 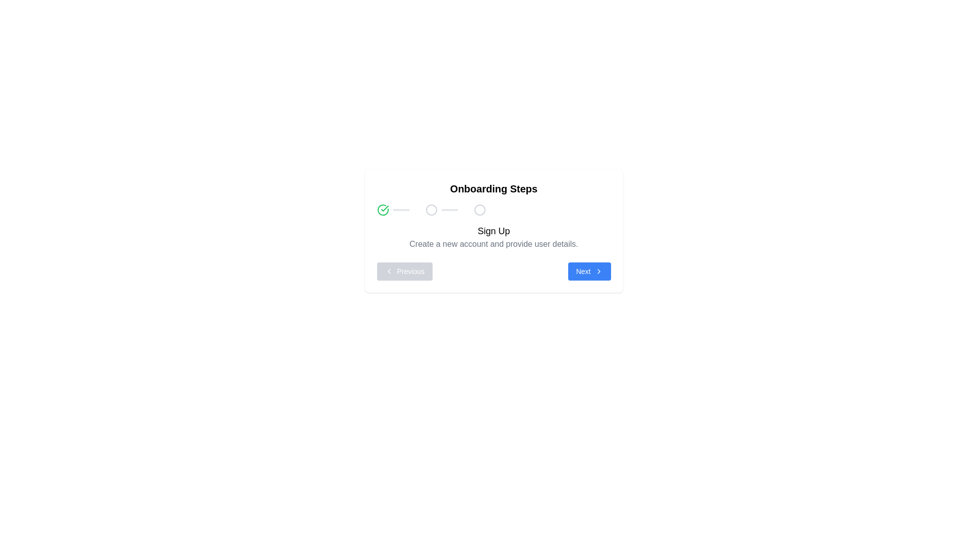 I want to click on the 'Previous' button, which is a rectangular button with a blue background and displays the text 'Previous' with a leftward-pointing chevron icon, so click(x=404, y=271).